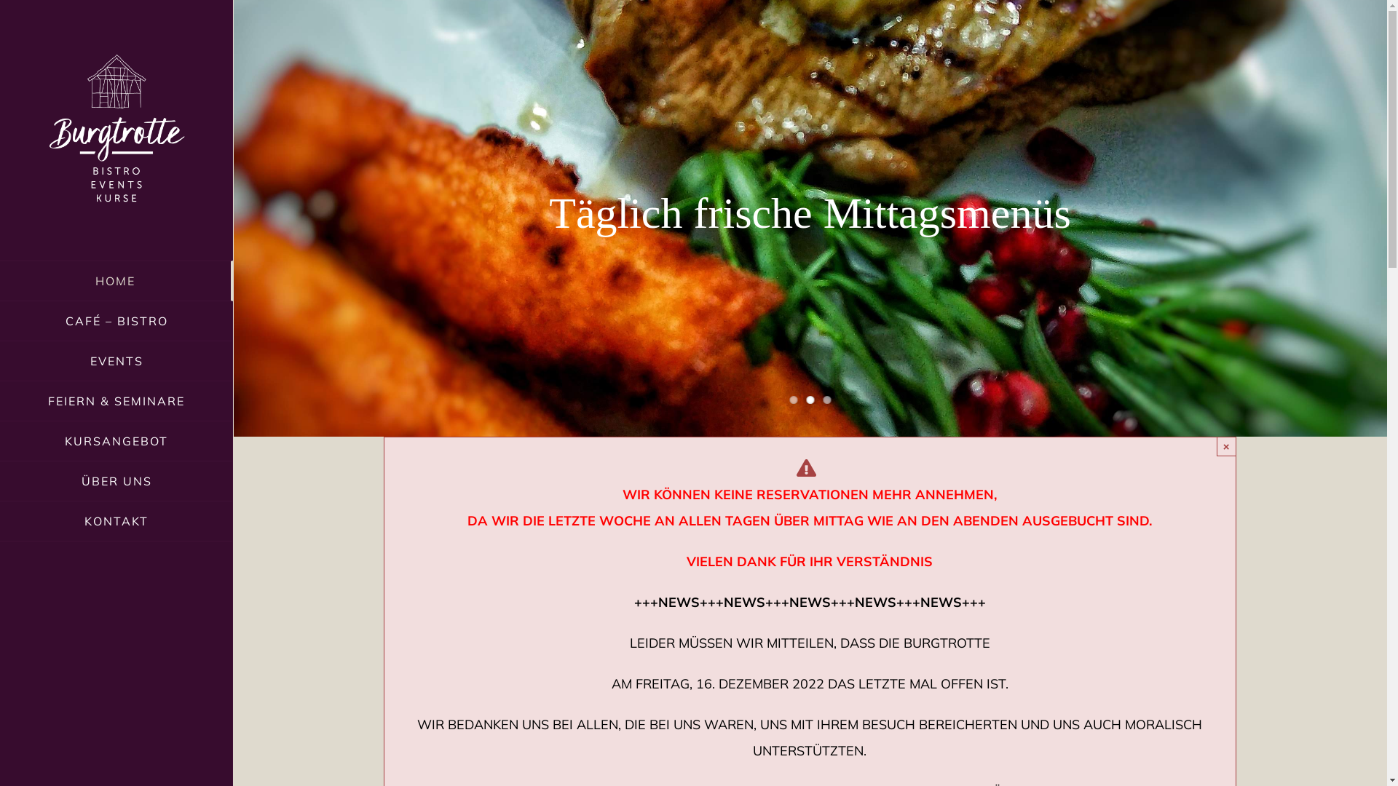 This screenshot has height=786, width=1398. I want to click on '2', so click(809, 400).